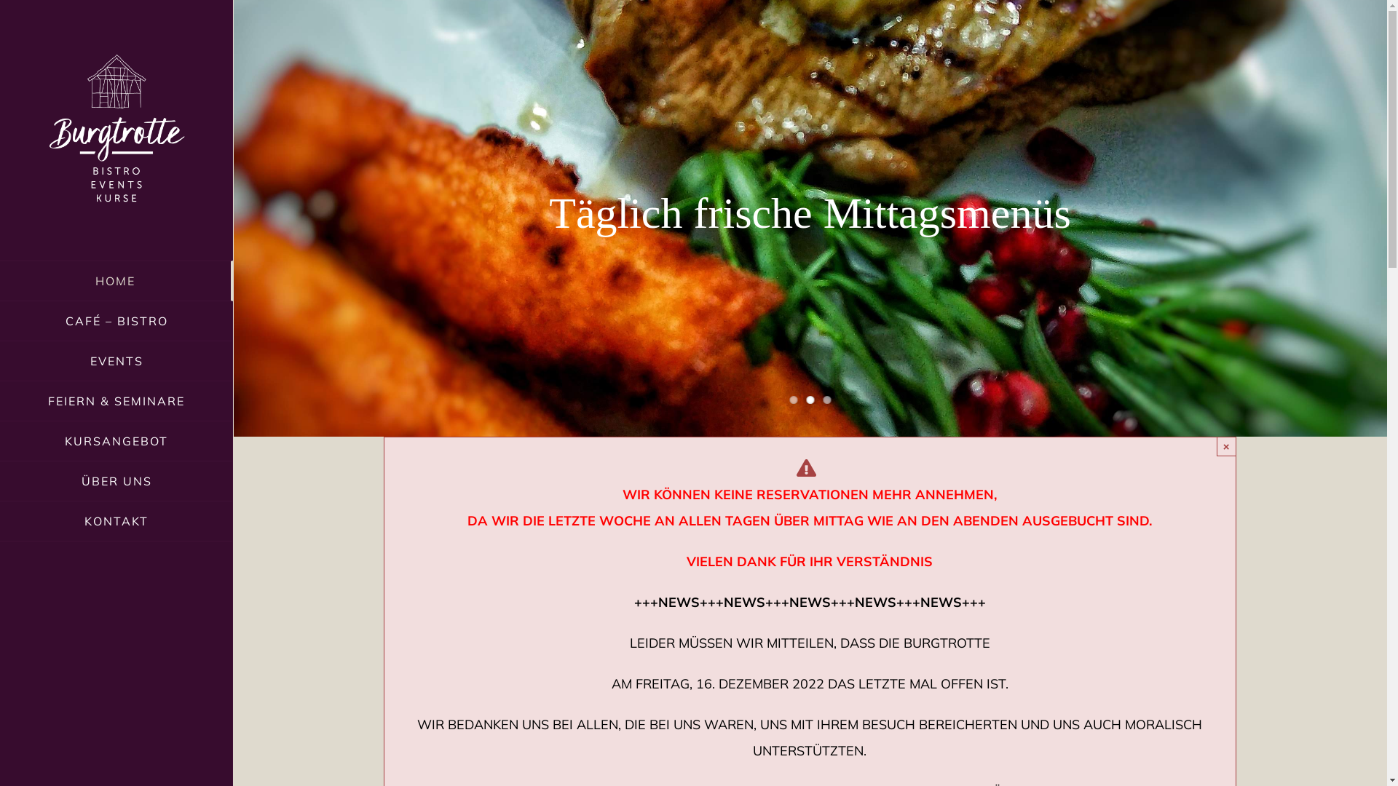 This screenshot has height=786, width=1398. I want to click on '2', so click(809, 400).